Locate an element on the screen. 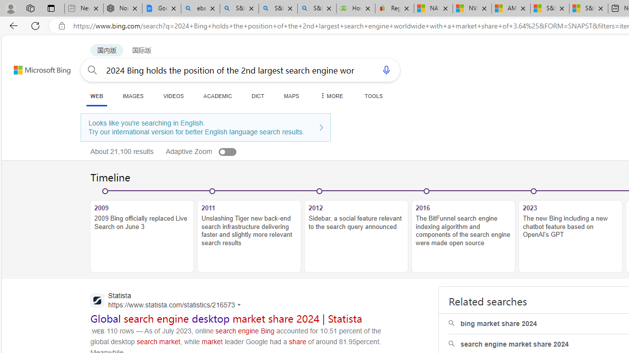 The image size is (629, 353). 'Back to Bing search' is located at coordinates (36, 67).